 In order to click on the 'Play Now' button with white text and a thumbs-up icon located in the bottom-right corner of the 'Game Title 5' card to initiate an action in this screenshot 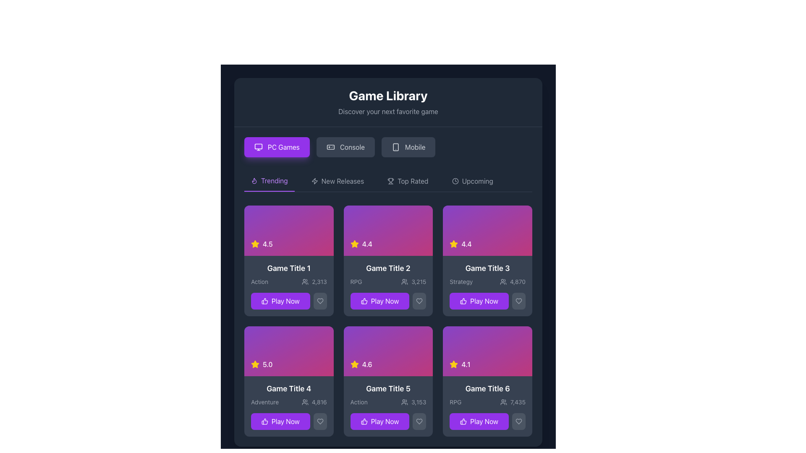, I will do `click(379, 422)`.